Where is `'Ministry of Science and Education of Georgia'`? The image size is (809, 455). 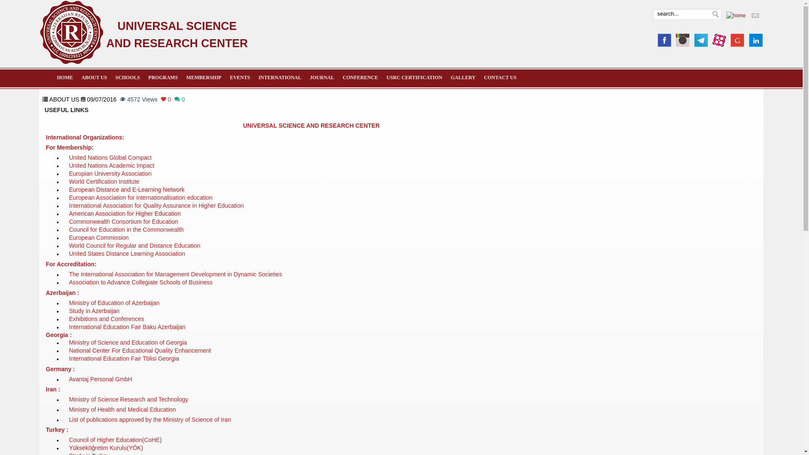
'Ministry of Science and Education of Georgia' is located at coordinates (127, 343).